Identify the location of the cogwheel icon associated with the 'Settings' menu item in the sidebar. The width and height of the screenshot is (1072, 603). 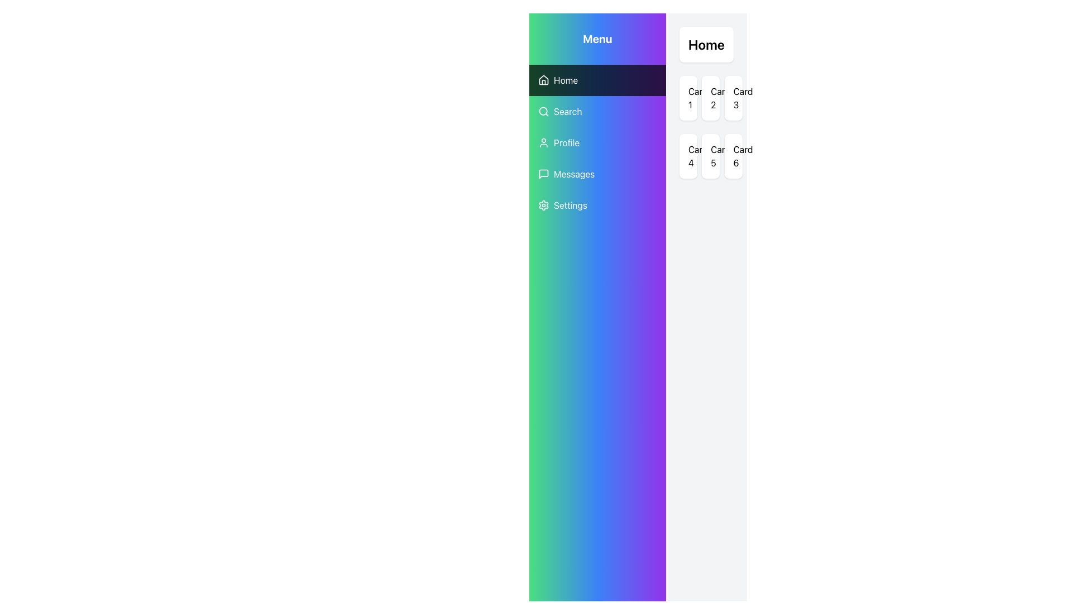
(544, 205).